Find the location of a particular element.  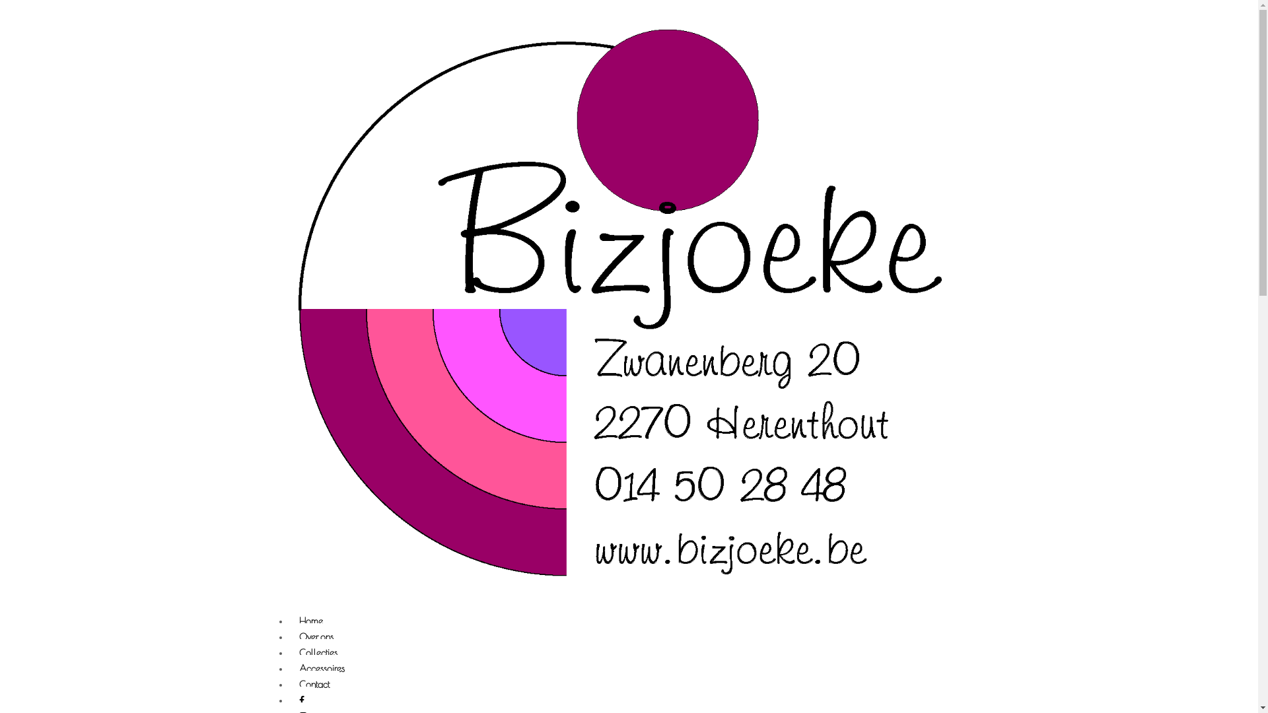

'Collecties' is located at coordinates (288, 654).